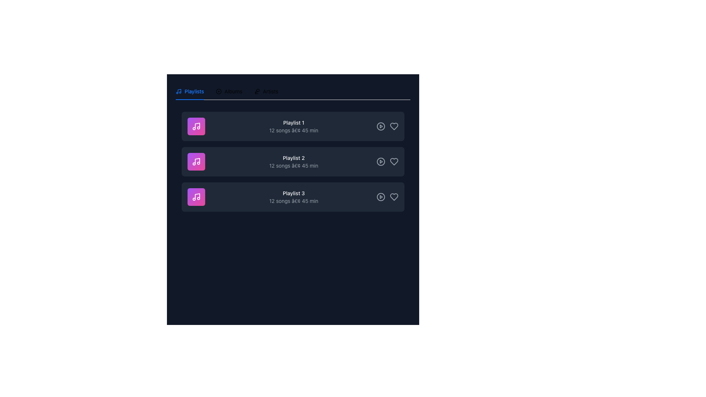  Describe the element at coordinates (292, 161) in the screenshot. I see `the List Item representing the playlist titled 'Playlist 2' in the music application` at that location.